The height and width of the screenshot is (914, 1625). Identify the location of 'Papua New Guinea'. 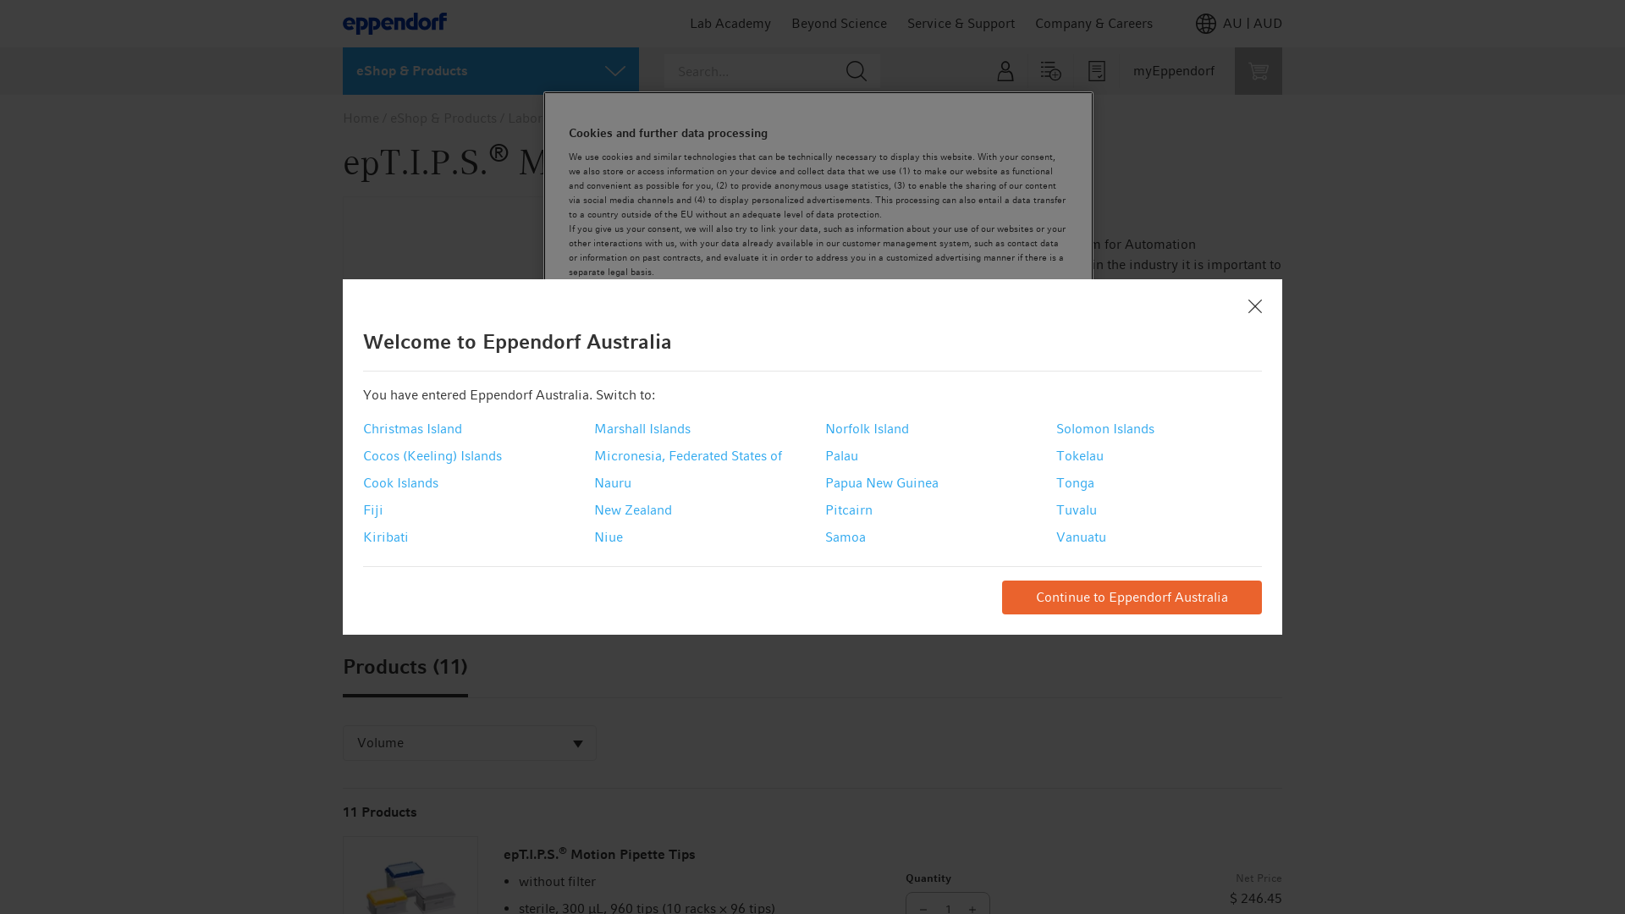
(824, 482).